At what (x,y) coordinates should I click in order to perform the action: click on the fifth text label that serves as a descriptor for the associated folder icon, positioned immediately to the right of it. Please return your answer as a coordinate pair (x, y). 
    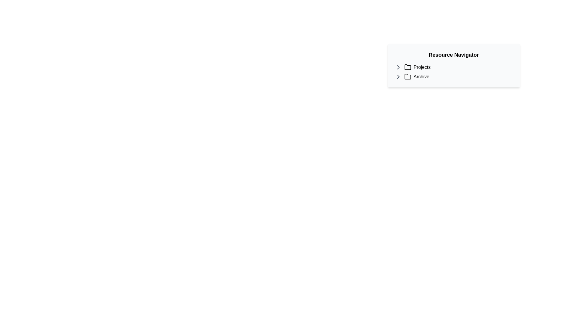
    Looking at the image, I should click on (421, 76).